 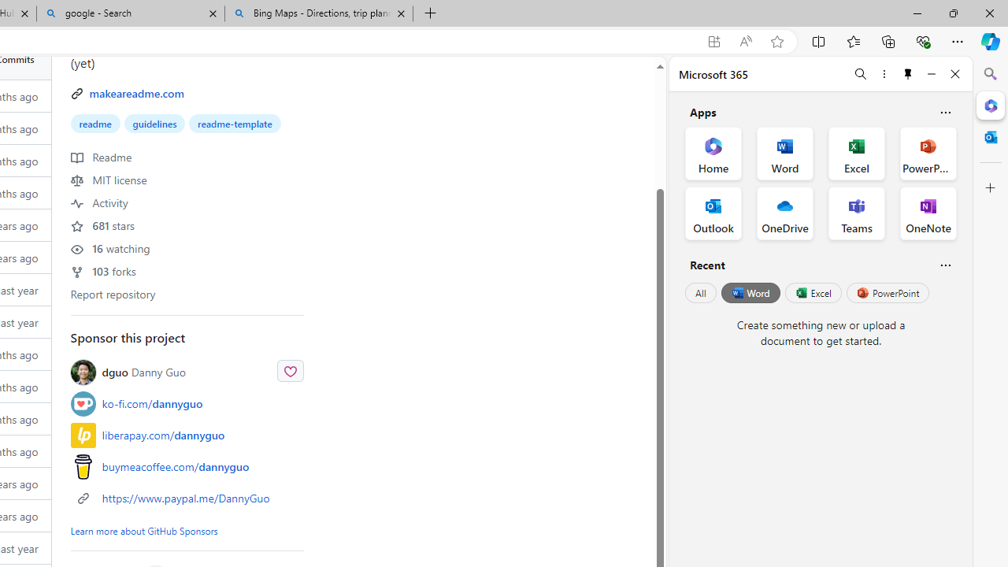 What do you see at coordinates (94, 122) in the screenshot?
I see `'readme'` at bounding box center [94, 122].